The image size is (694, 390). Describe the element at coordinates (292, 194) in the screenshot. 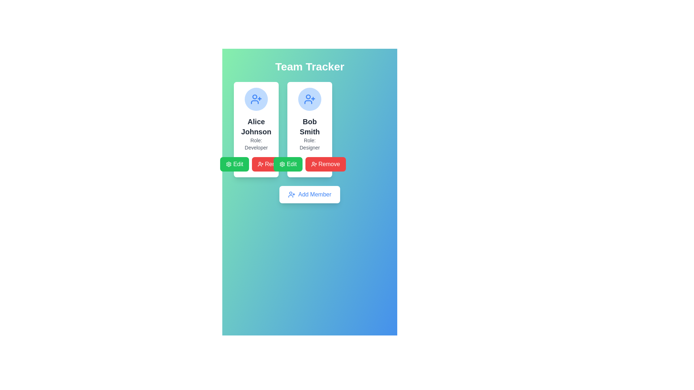

I see `the 'Add Member' button icon, which visually represents the functionality of adding a team member and is positioned to the left of the button's text` at that location.